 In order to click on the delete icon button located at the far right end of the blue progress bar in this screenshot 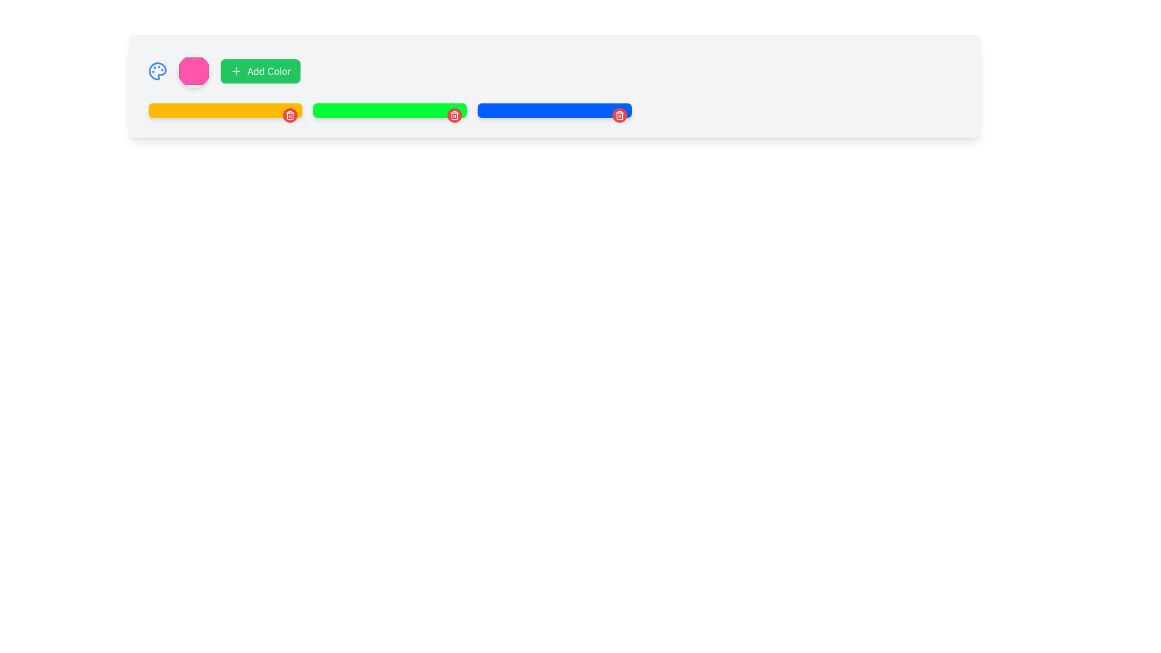, I will do `click(619, 115)`.